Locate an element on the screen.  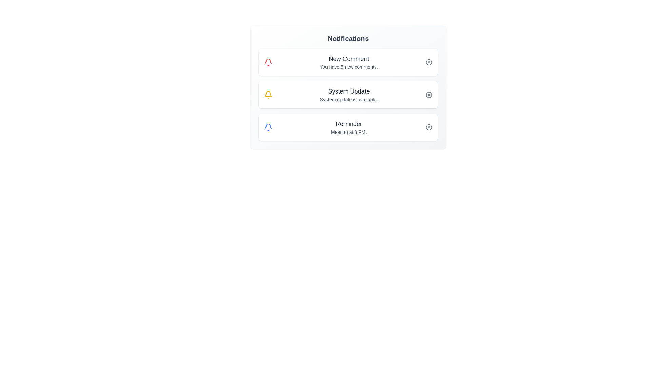
text label displaying 'System update is available.' which is styled in gray, located directly below the 'System Update' heading in the second notification card is located at coordinates (349, 99).